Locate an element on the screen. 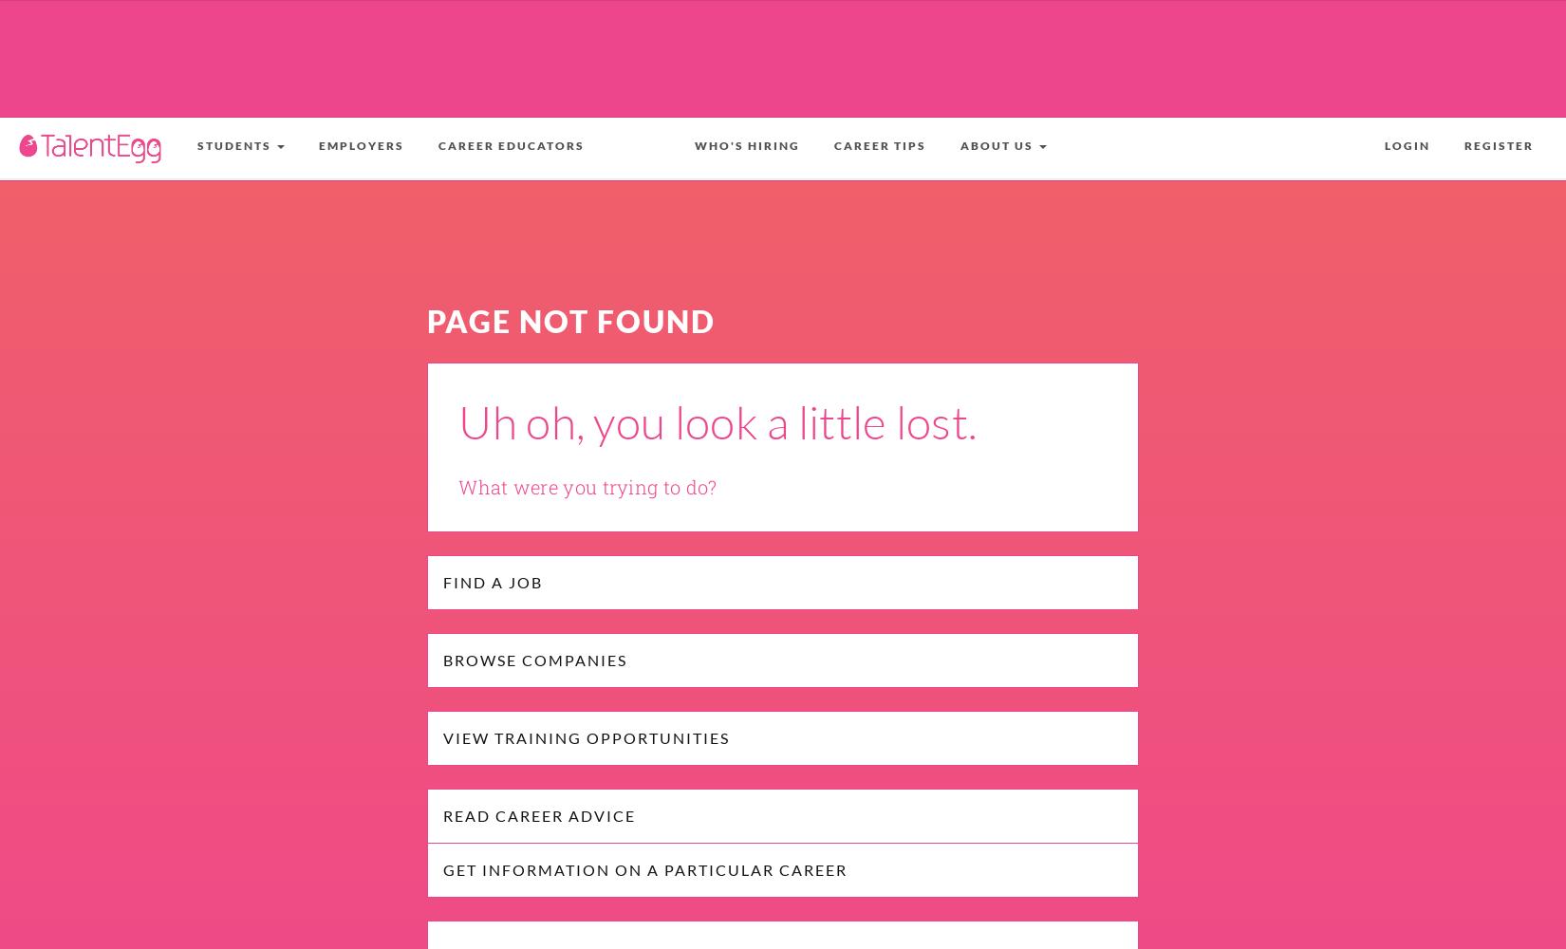  'Career Tips' is located at coordinates (880, 145).